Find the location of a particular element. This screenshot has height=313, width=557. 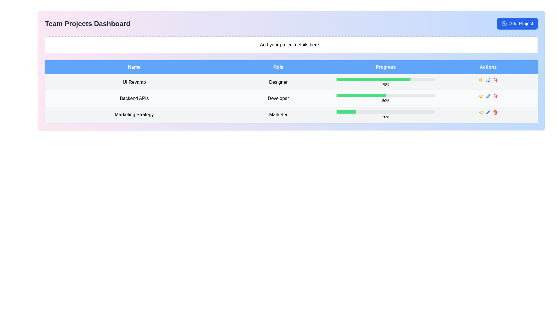

the red trashcan icon button located in the rightmost column under the 'Actions' header is located at coordinates (495, 113).